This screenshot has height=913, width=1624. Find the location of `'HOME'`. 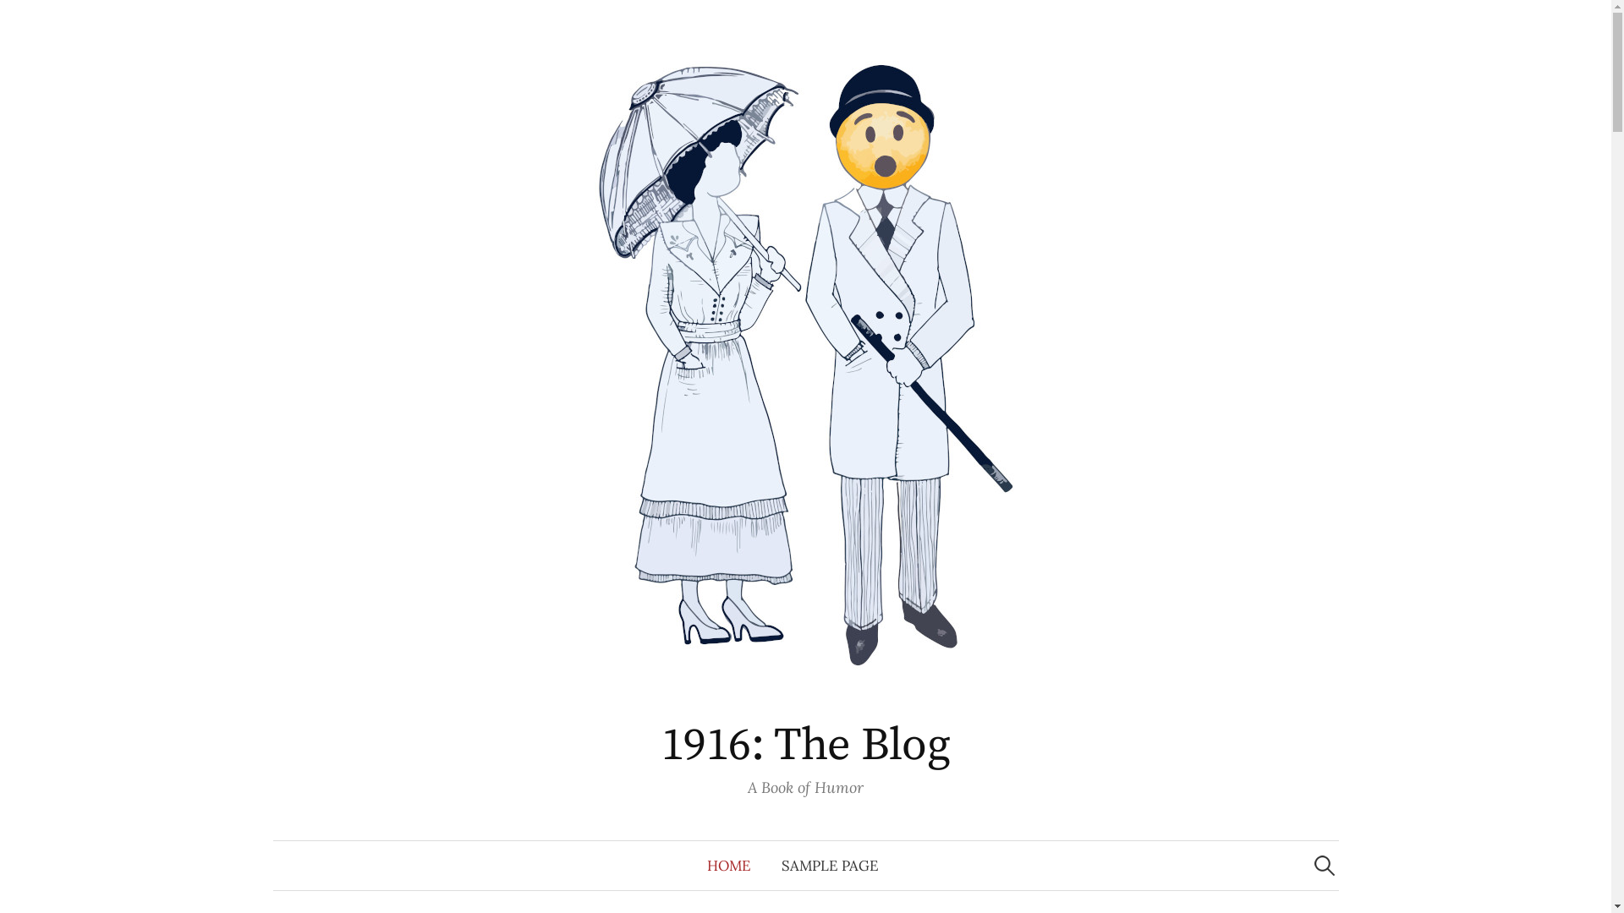

'HOME' is located at coordinates (729, 865).